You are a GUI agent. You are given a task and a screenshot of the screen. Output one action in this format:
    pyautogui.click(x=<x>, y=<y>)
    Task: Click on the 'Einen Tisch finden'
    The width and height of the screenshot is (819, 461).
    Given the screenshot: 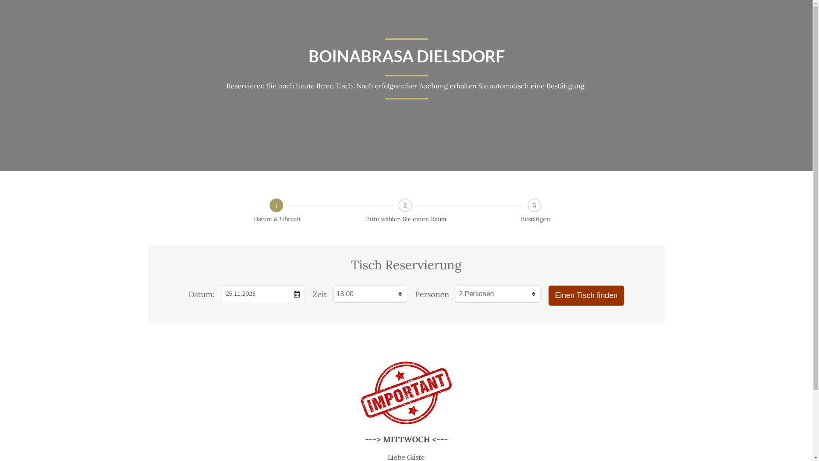 What is the action you would take?
    pyautogui.click(x=586, y=295)
    